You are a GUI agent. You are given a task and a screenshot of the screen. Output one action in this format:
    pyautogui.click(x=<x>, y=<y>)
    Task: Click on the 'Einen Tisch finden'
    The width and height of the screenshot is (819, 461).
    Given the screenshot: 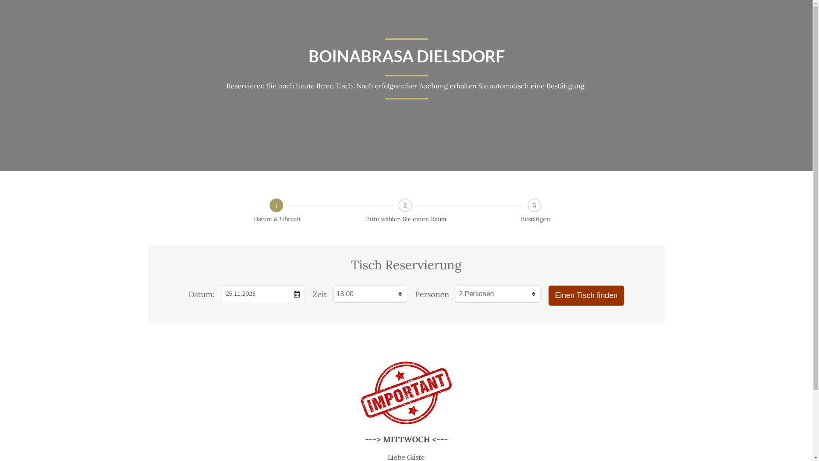 What is the action you would take?
    pyautogui.click(x=586, y=295)
    